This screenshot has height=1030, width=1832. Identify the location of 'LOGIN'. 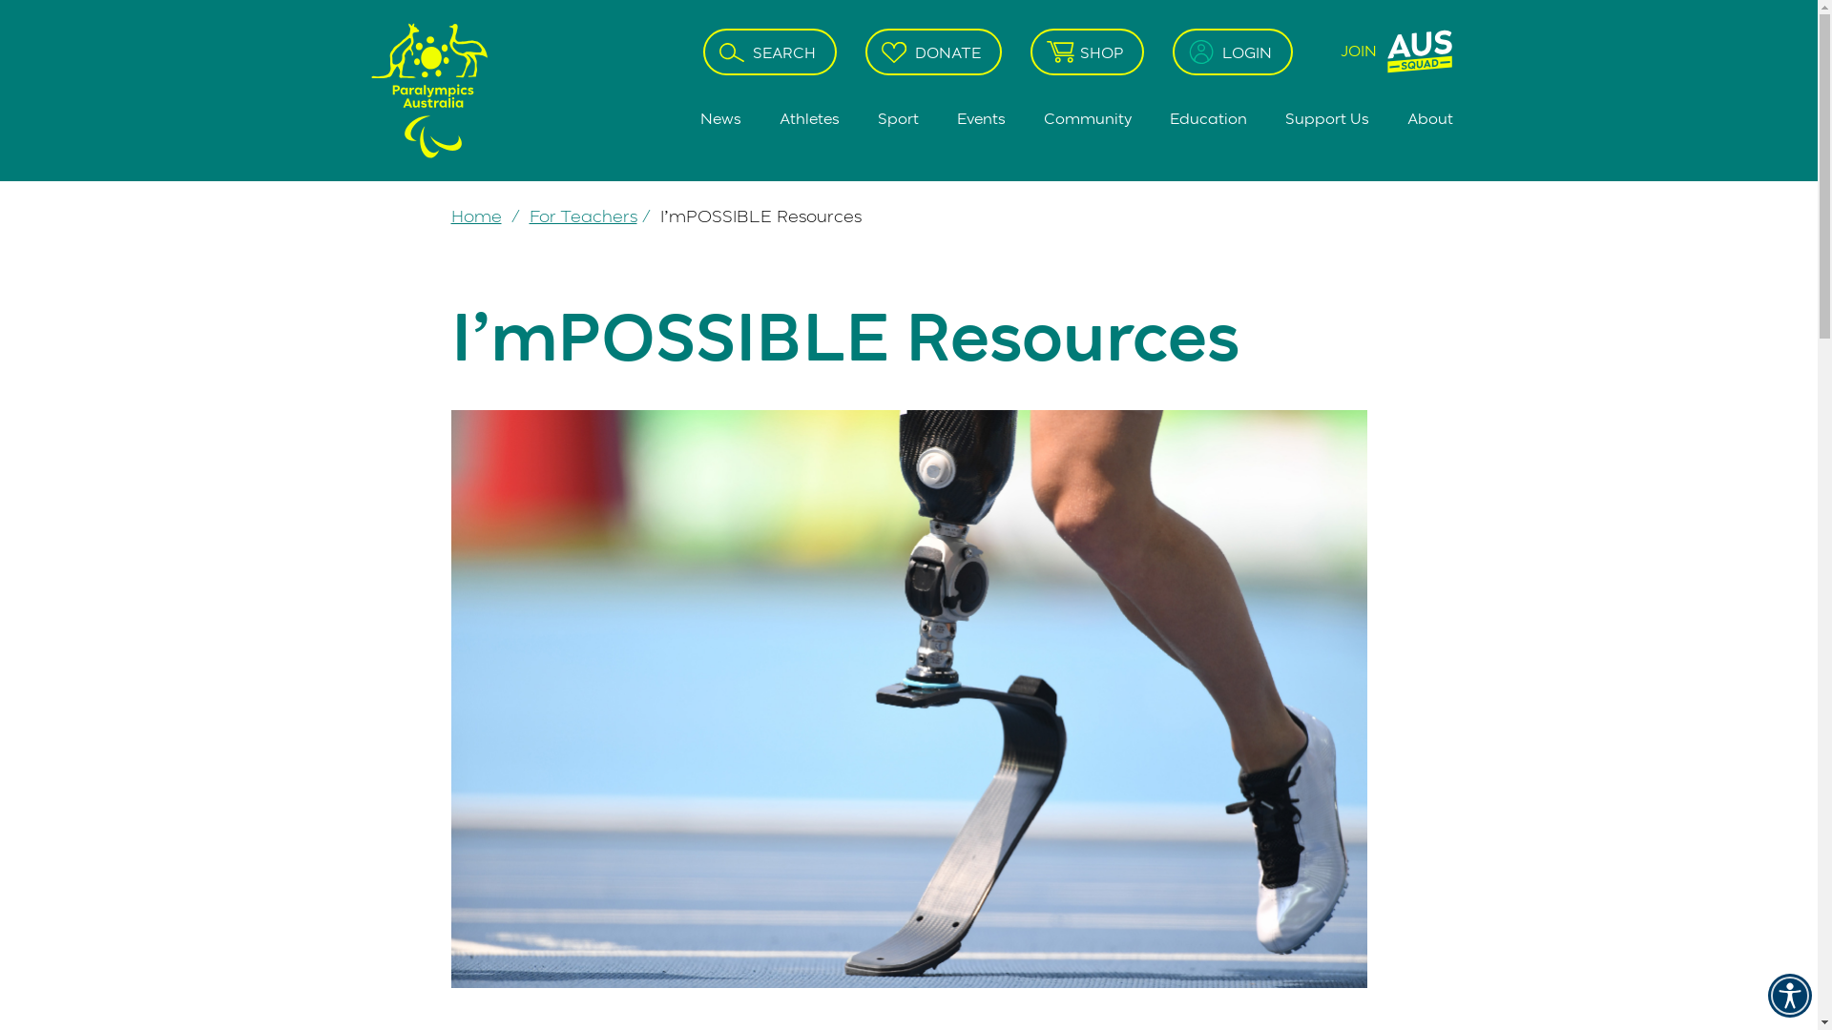
(1232, 51).